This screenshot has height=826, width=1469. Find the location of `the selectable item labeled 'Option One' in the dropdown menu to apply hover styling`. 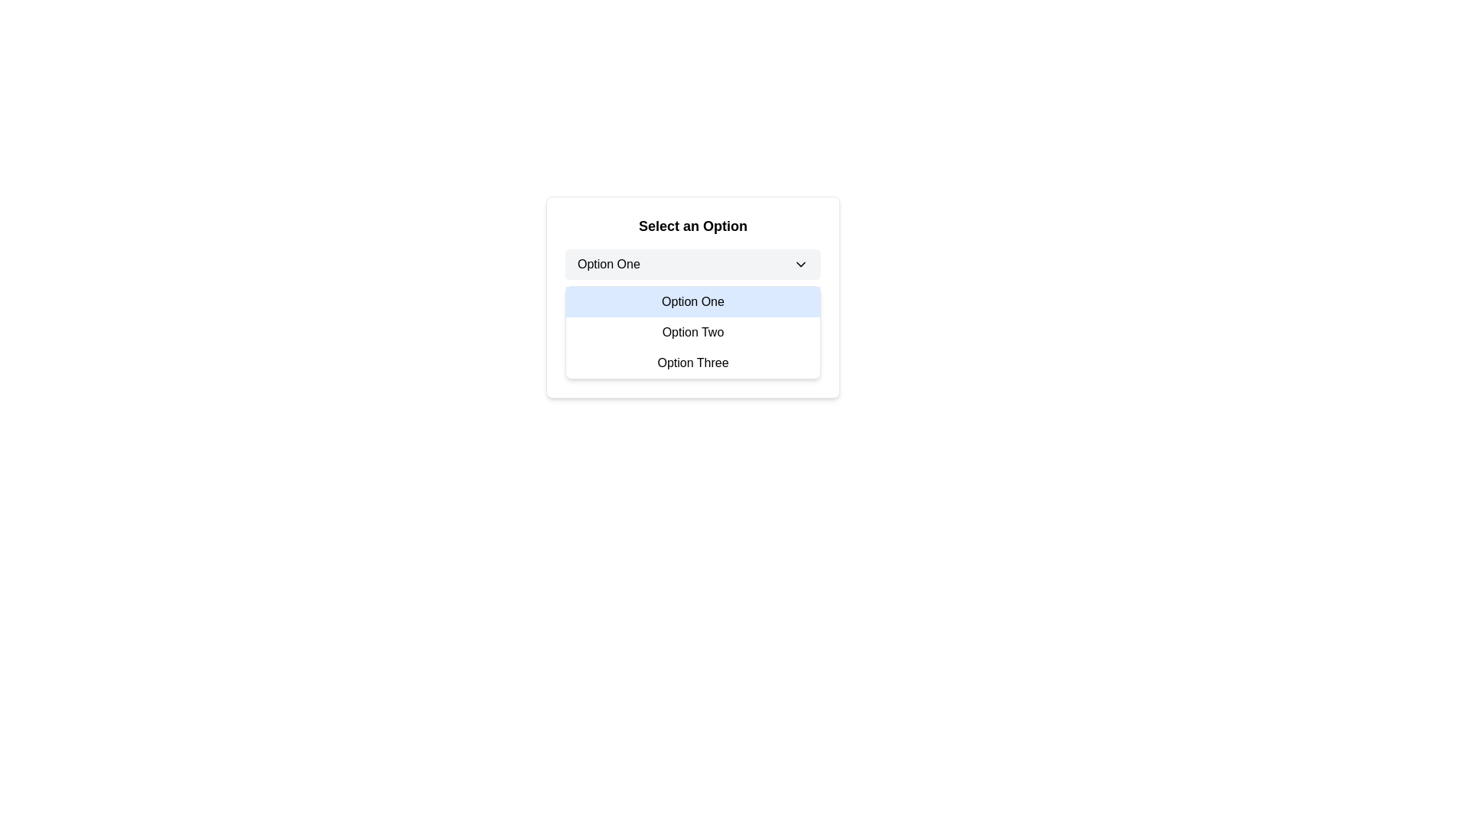

the selectable item labeled 'Option One' in the dropdown menu to apply hover styling is located at coordinates (692, 301).